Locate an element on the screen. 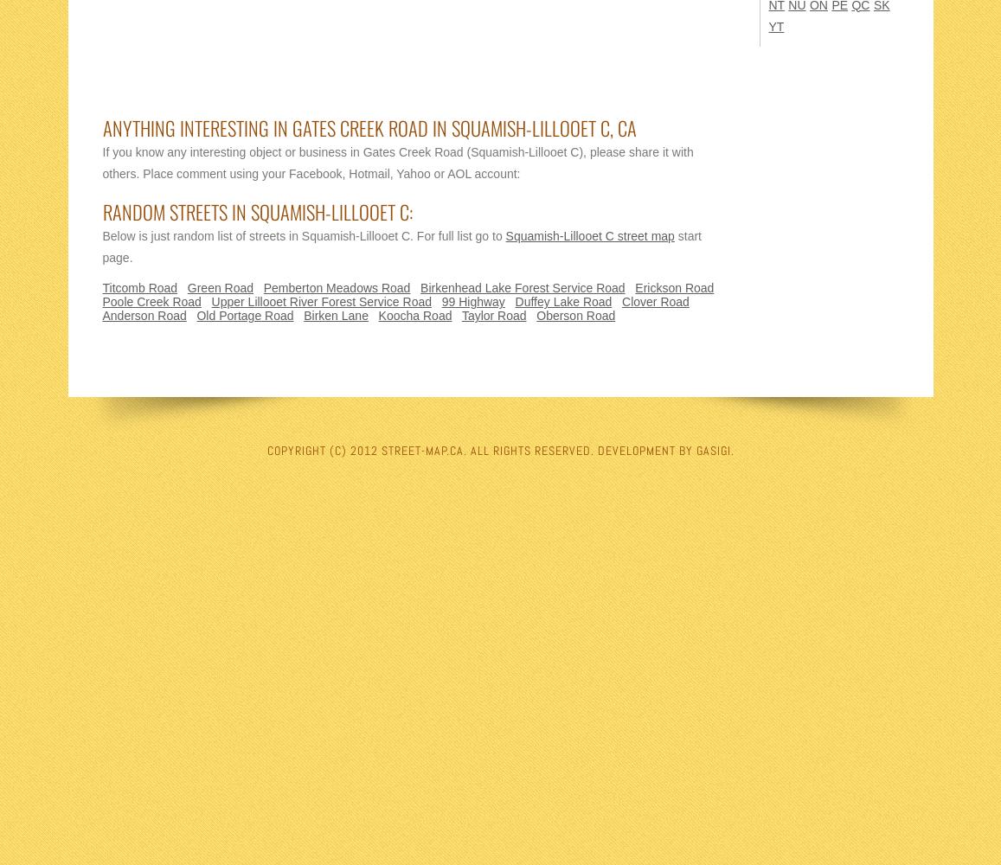  'Poole Creek Road' is located at coordinates (151, 301).